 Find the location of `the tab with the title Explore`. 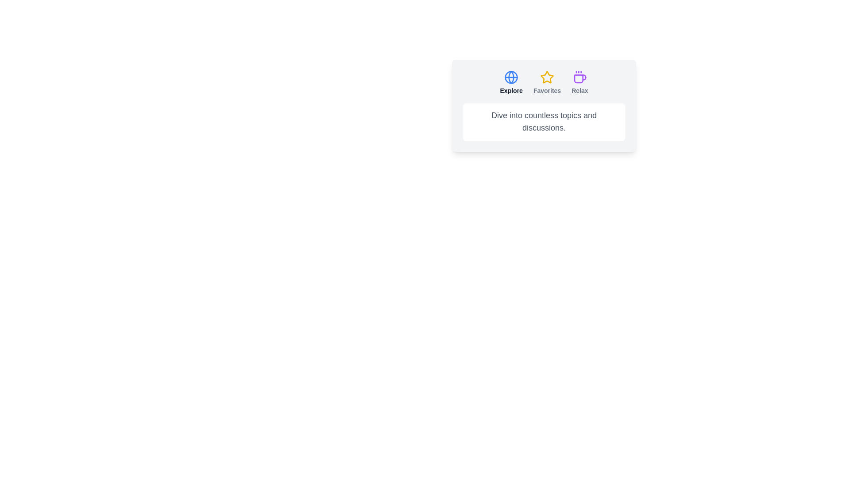

the tab with the title Explore is located at coordinates (511, 82).